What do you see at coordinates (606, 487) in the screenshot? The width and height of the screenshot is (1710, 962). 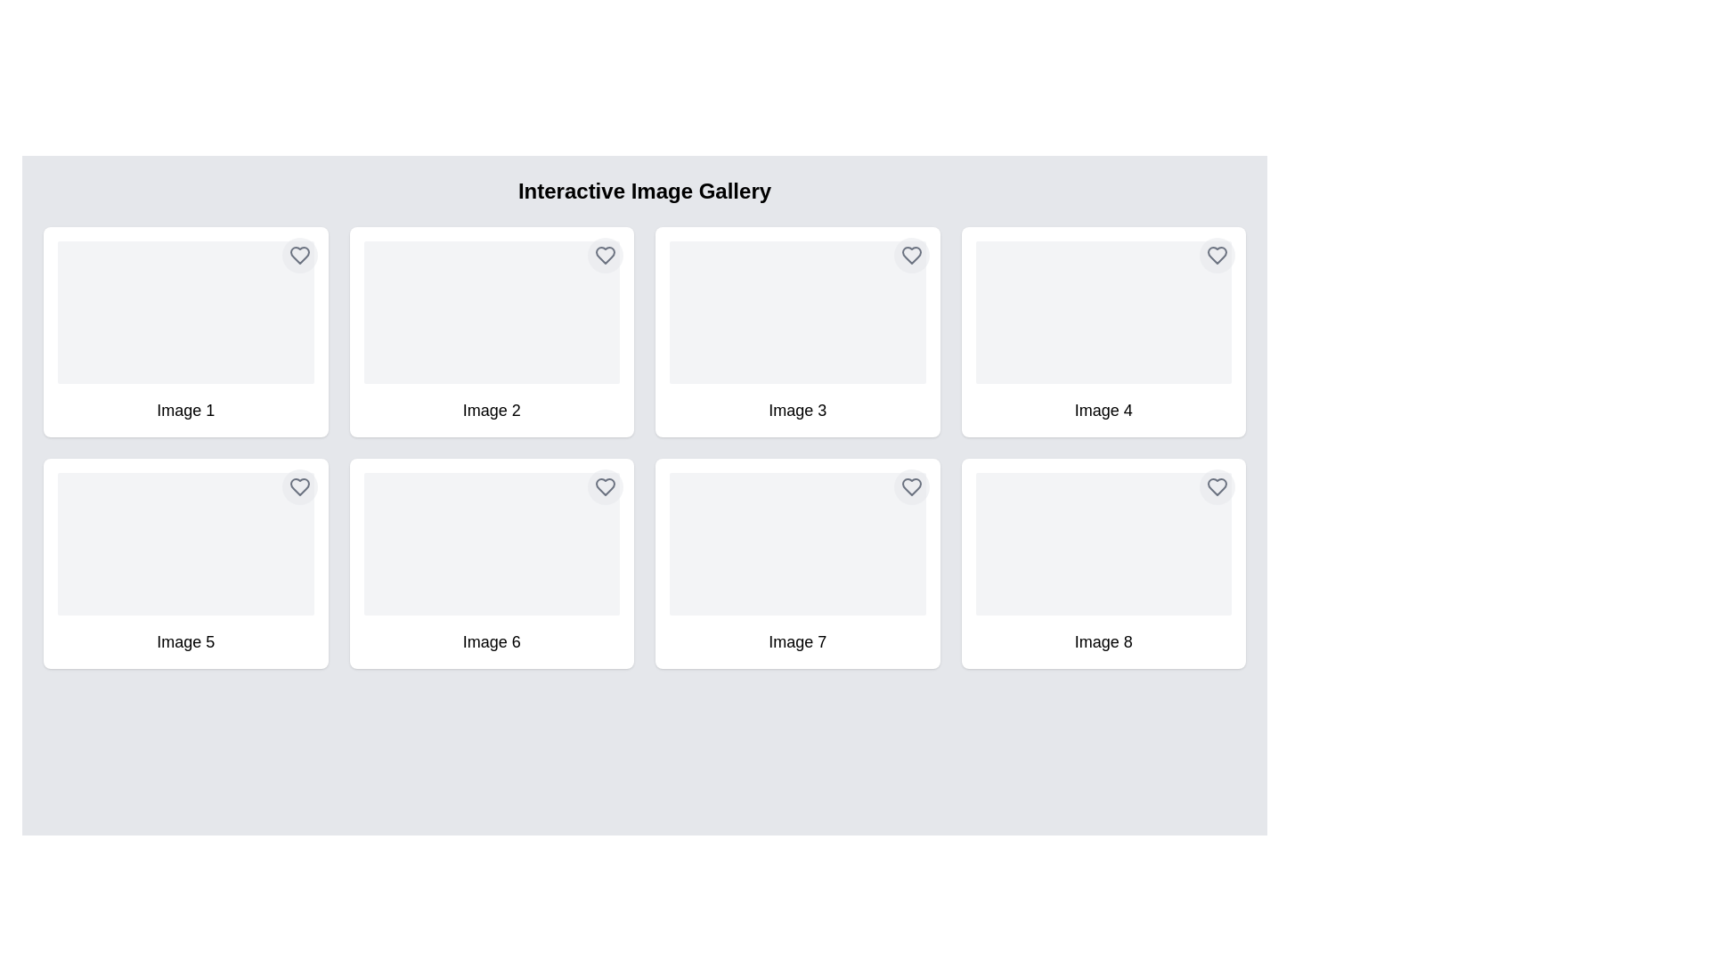 I see `the heart icon button in the top-right corner of the card labeled 'Image 6', which is located in the middle of the second row and third column of the gallery grid` at bounding box center [606, 487].